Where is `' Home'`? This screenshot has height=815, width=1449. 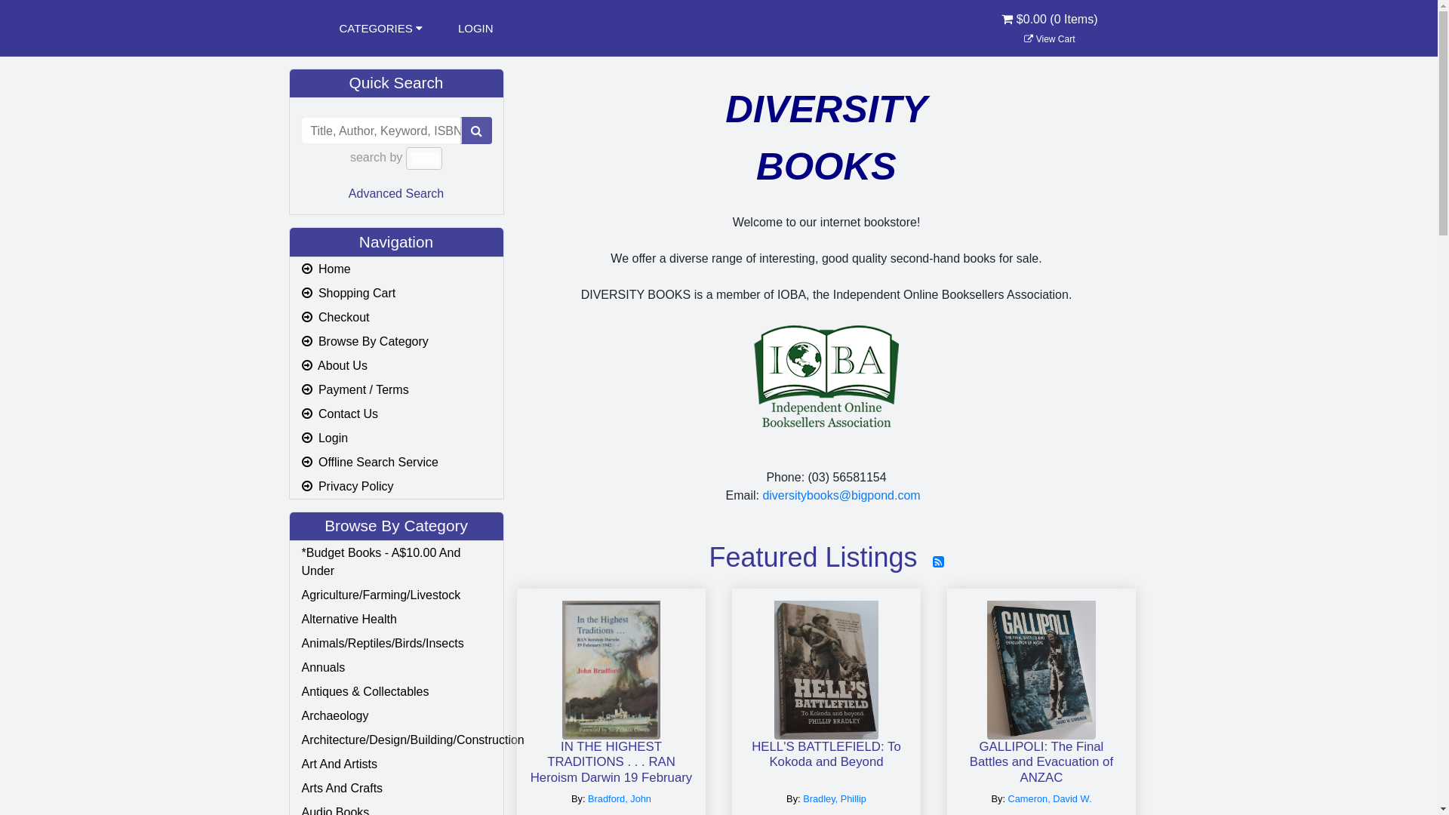 ' Home' is located at coordinates (396, 269).